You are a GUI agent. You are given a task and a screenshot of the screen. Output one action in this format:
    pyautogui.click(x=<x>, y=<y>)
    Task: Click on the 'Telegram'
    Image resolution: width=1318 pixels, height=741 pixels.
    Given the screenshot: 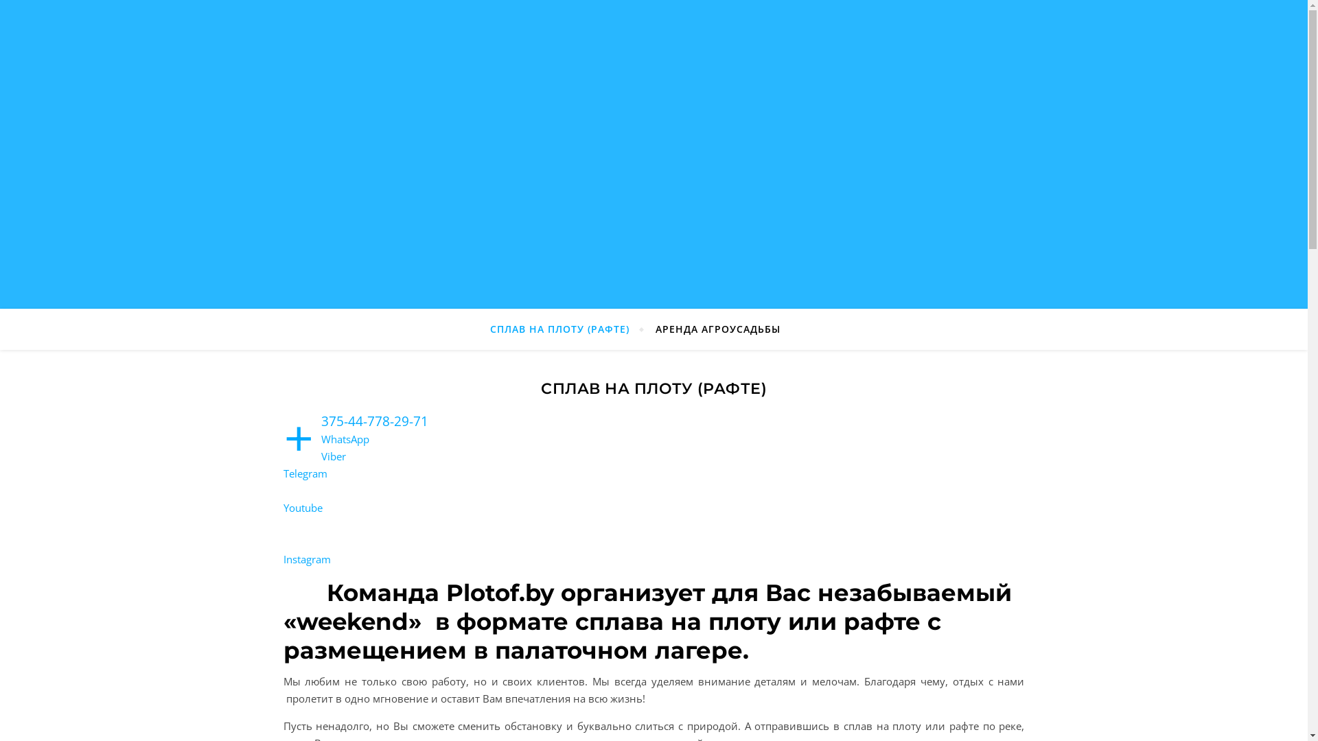 What is the action you would take?
    pyautogui.click(x=282, y=473)
    